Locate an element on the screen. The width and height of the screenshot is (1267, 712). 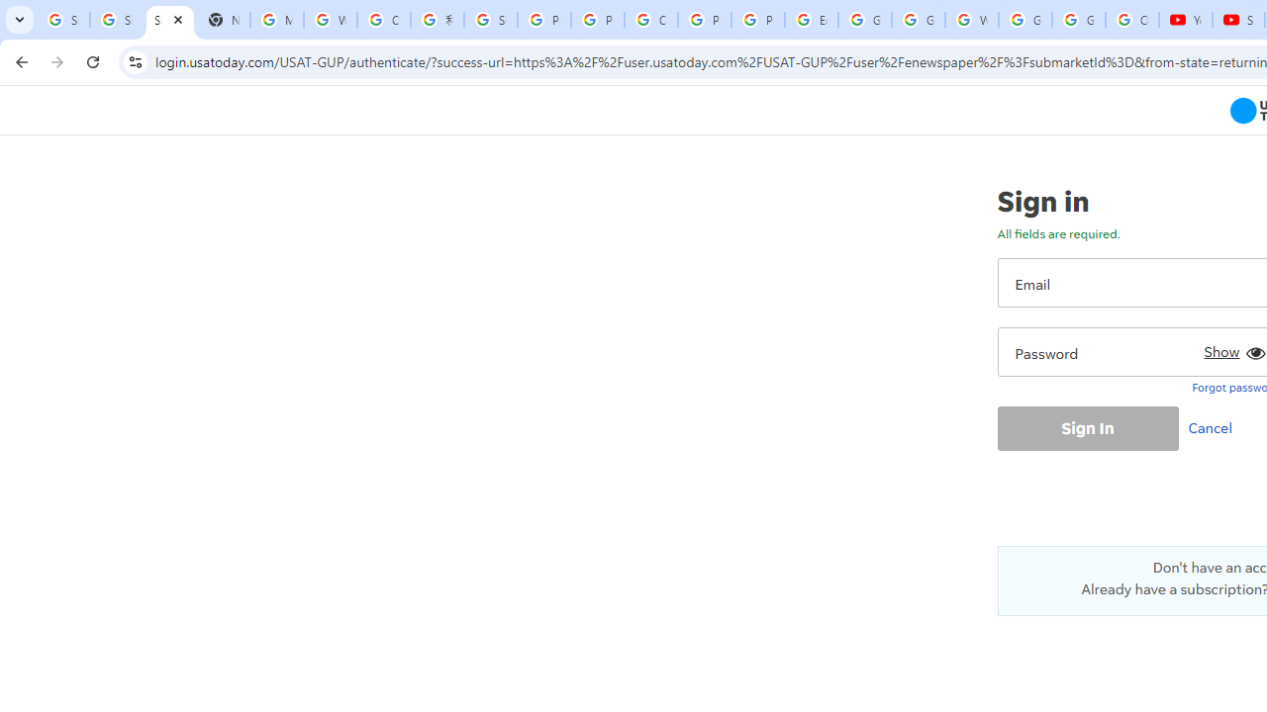
'Google Account' is located at coordinates (1077, 20).